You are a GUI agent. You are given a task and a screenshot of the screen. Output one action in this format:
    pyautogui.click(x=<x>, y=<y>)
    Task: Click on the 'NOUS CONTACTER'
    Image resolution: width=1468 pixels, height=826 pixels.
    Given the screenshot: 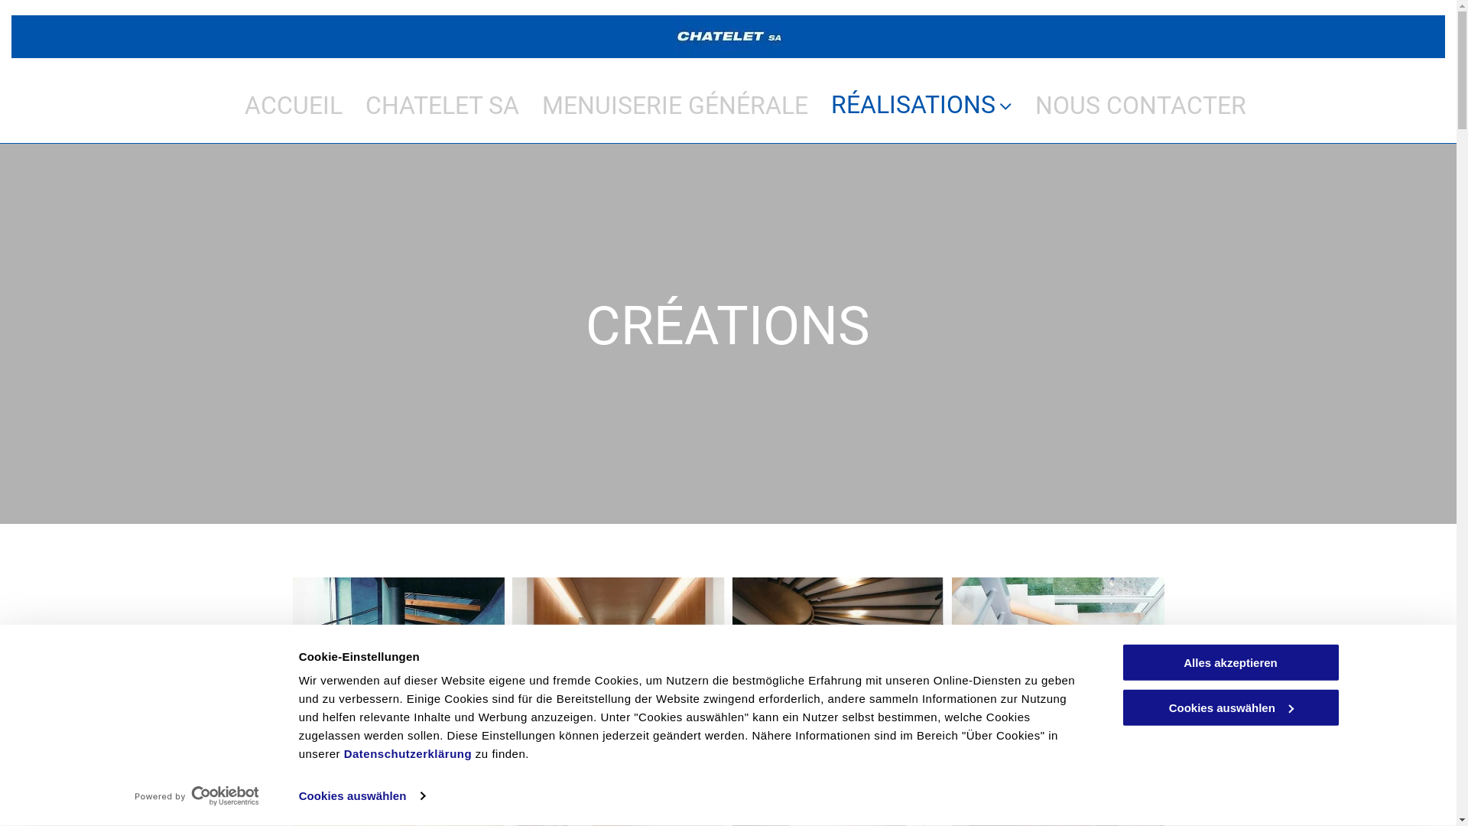 What is the action you would take?
    pyautogui.click(x=1141, y=105)
    